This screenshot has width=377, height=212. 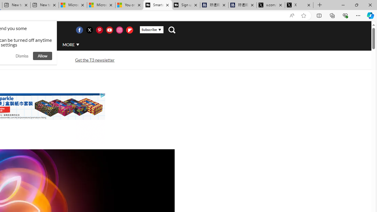 I want to click on 'Visit us on Youtube', so click(x=109, y=30).